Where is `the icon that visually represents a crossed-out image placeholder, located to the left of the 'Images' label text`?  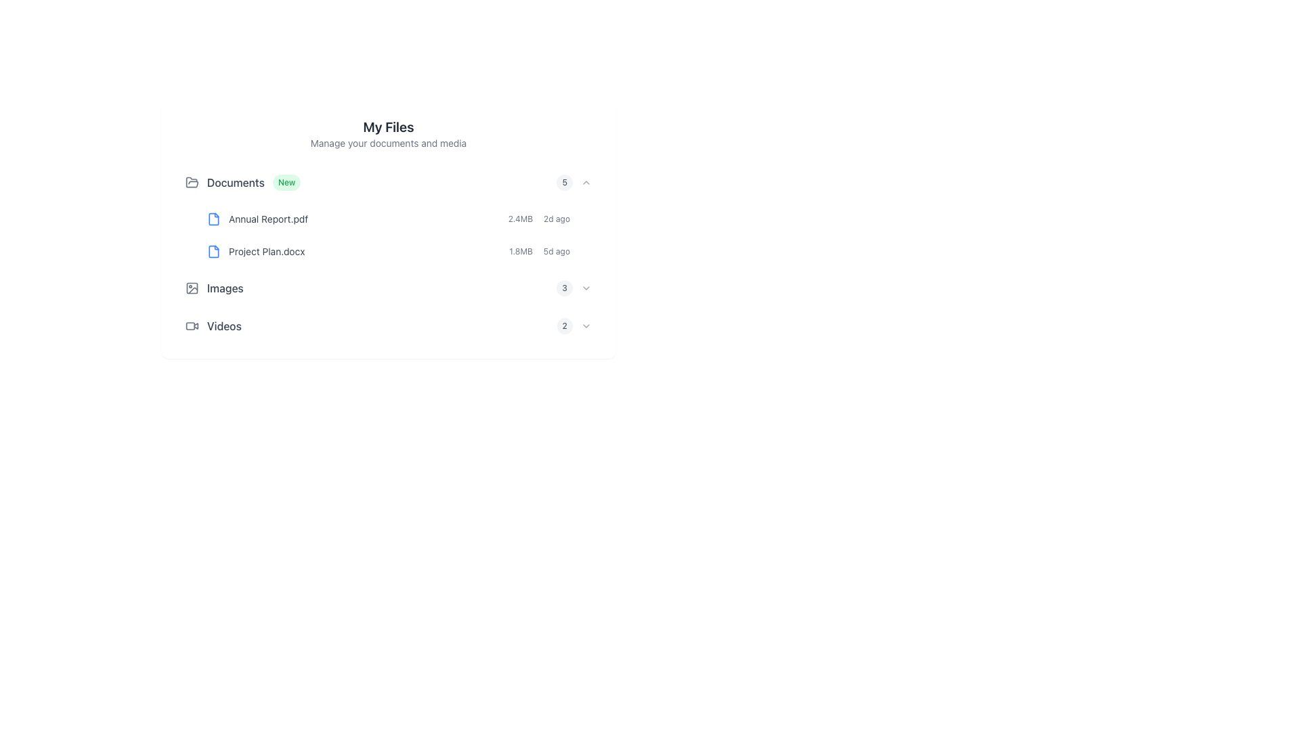 the icon that visually represents a crossed-out image placeholder, located to the left of the 'Images' label text is located at coordinates (191, 287).